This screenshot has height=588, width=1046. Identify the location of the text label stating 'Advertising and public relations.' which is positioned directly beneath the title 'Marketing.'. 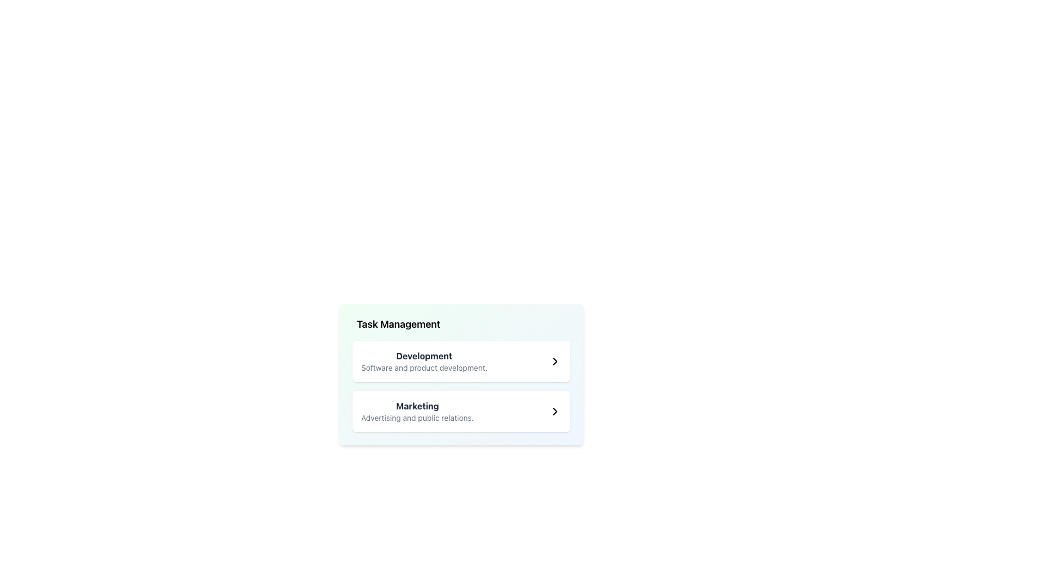
(417, 417).